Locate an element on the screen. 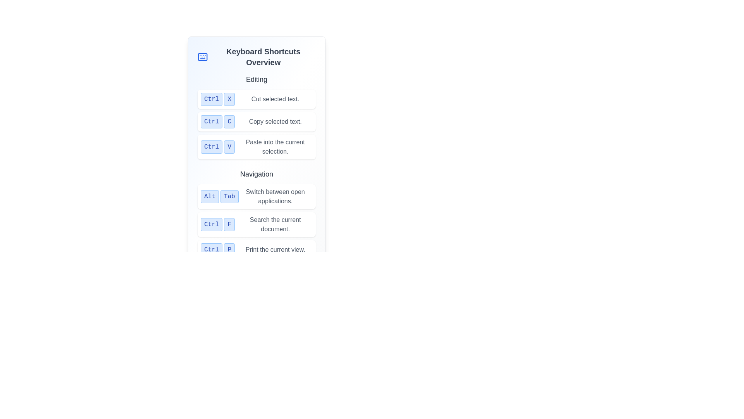 The width and height of the screenshot is (744, 419). the 'Ctrl' label, which represents the keyboard shortcut key, located in the 'Navigation' section of the 'Keyboard Shortcuts Overview' panel is located at coordinates (212, 224).